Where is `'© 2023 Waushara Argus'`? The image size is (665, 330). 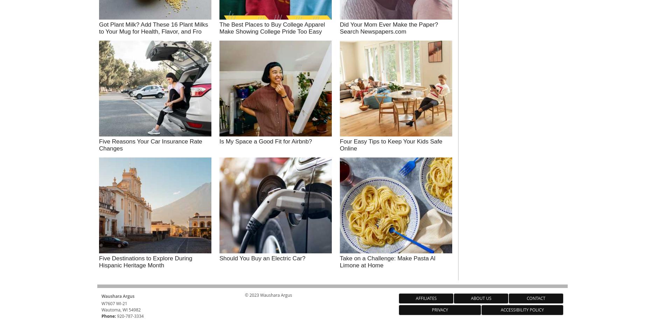 '© 2023 Waushara Argus' is located at coordinates (268, 295).